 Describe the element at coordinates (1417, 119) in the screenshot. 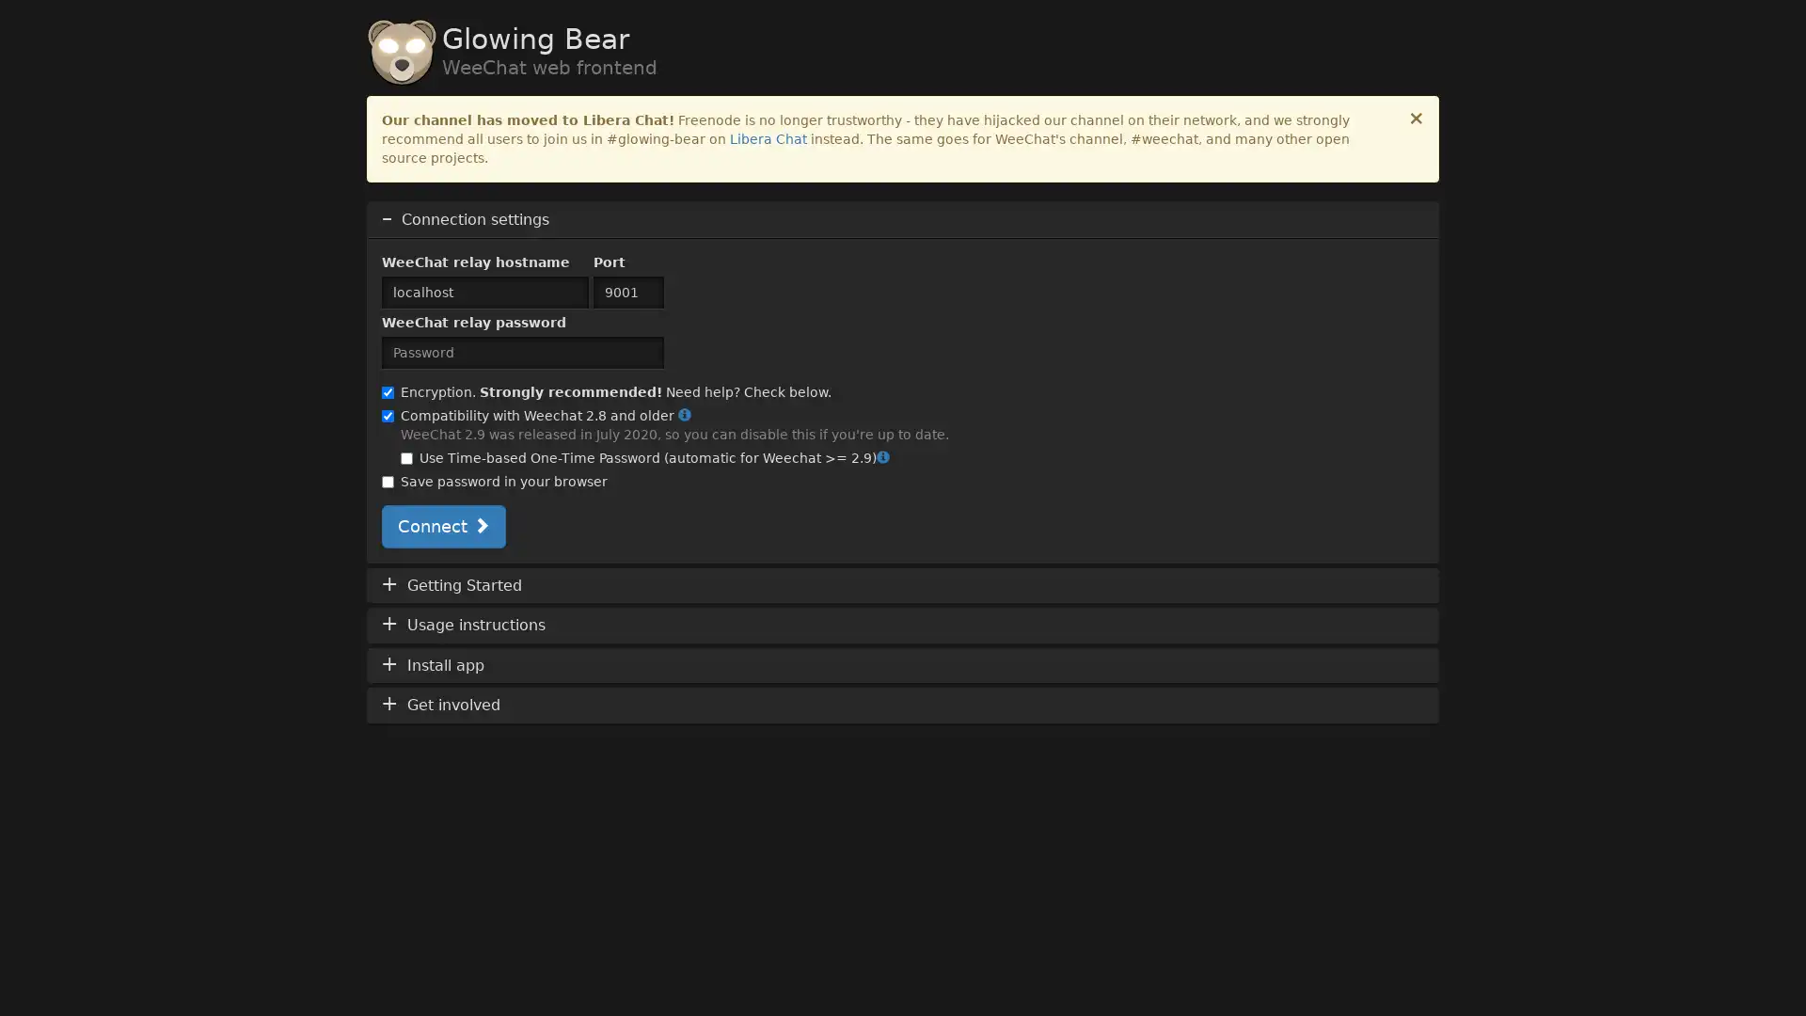

I see `Close` at that location.